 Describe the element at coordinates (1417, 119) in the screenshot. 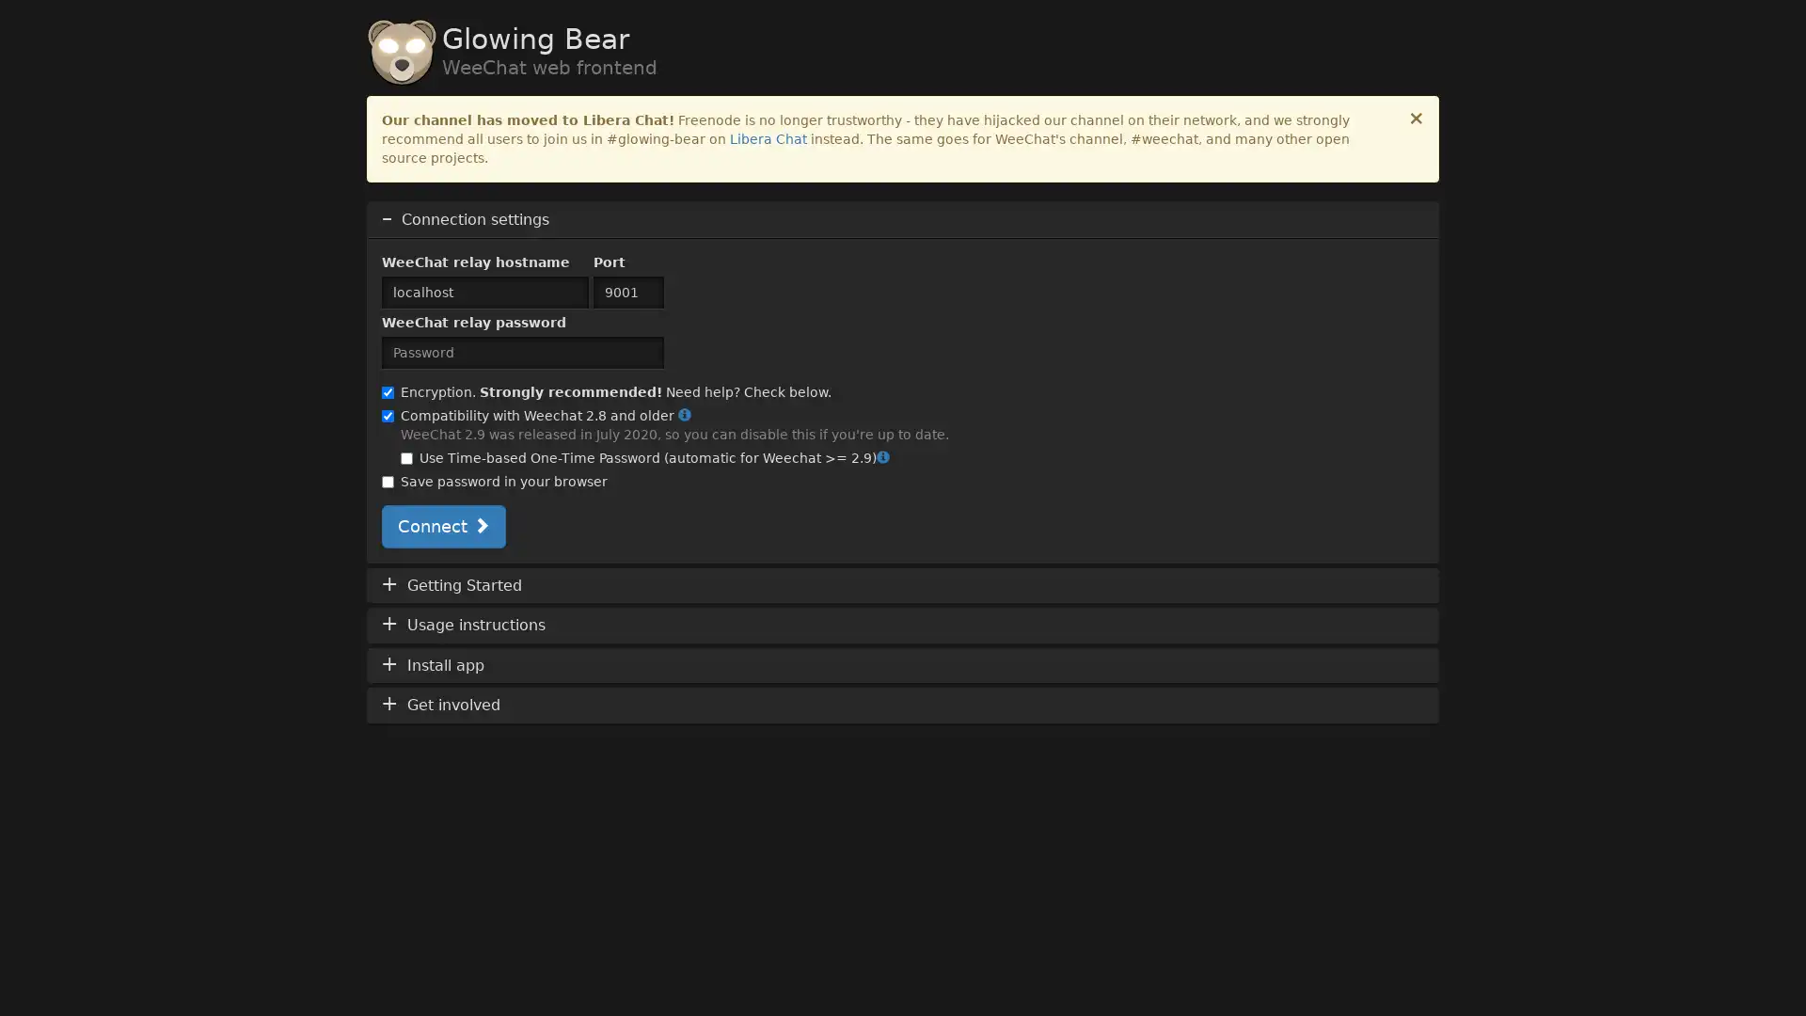

I see `Close` at that location.